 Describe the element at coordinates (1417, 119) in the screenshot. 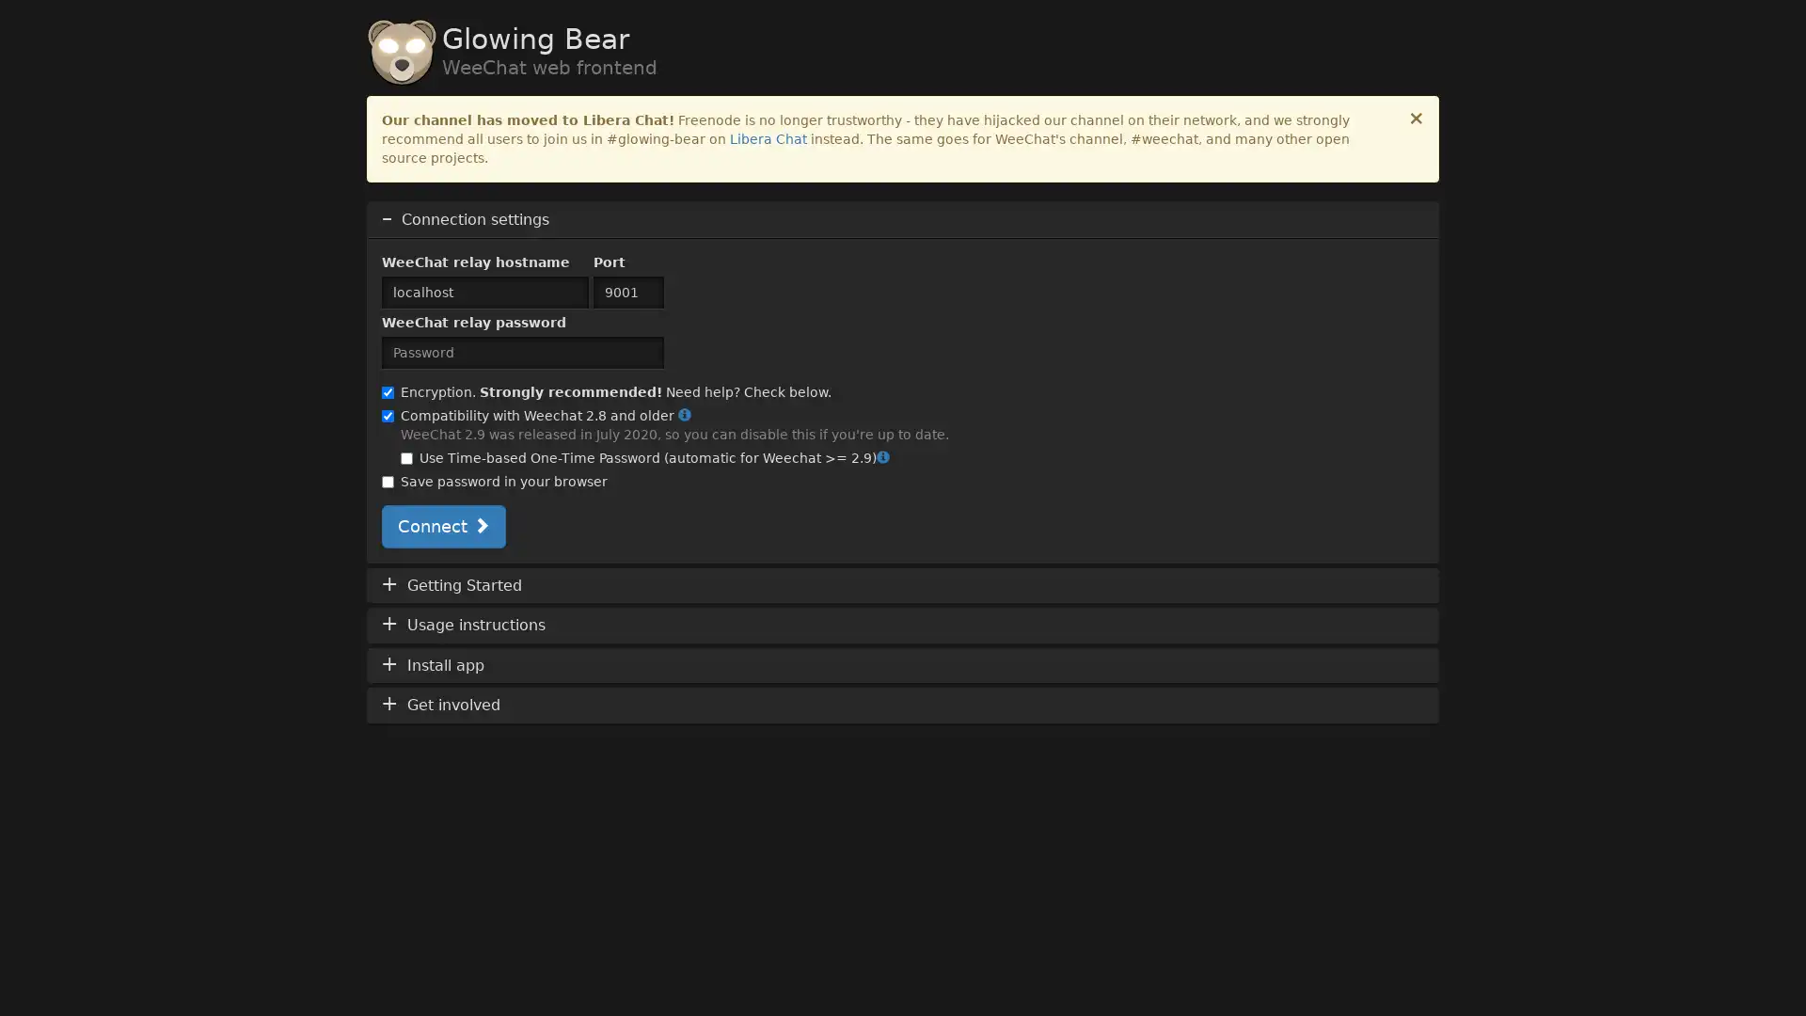

I see `Close` at that location.